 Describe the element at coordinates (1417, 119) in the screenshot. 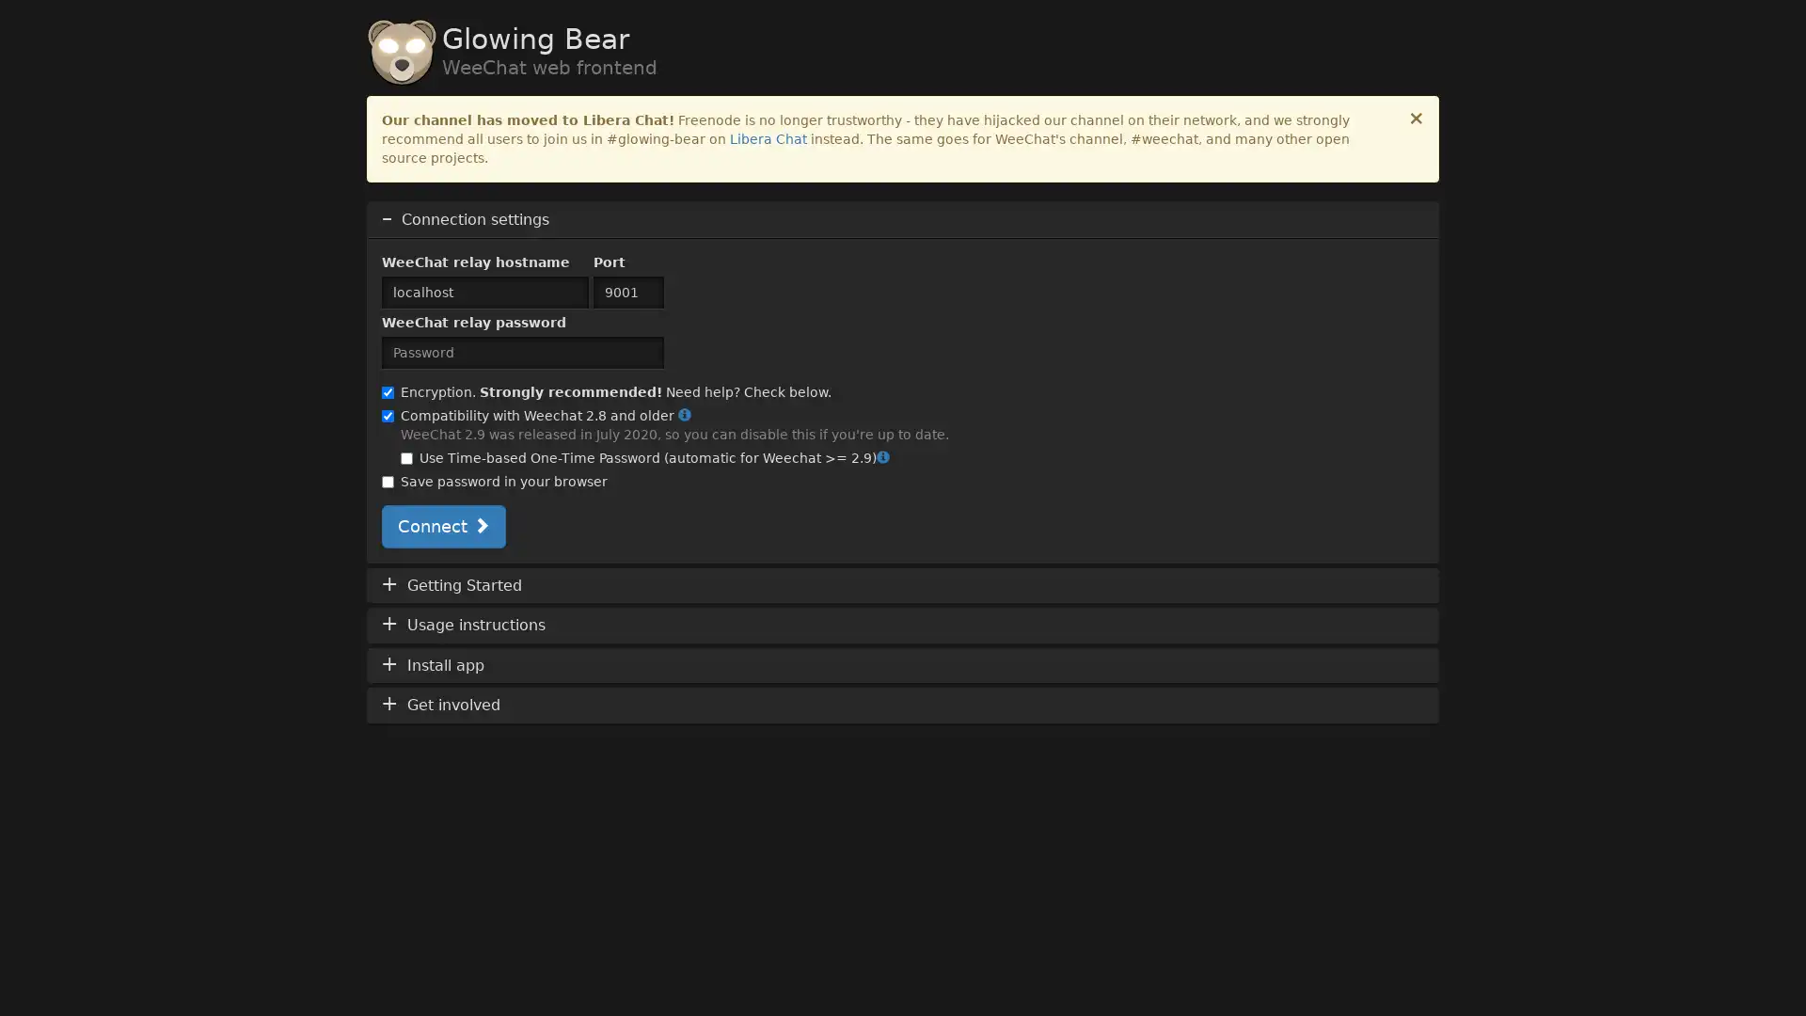

I see `Close` at that location.